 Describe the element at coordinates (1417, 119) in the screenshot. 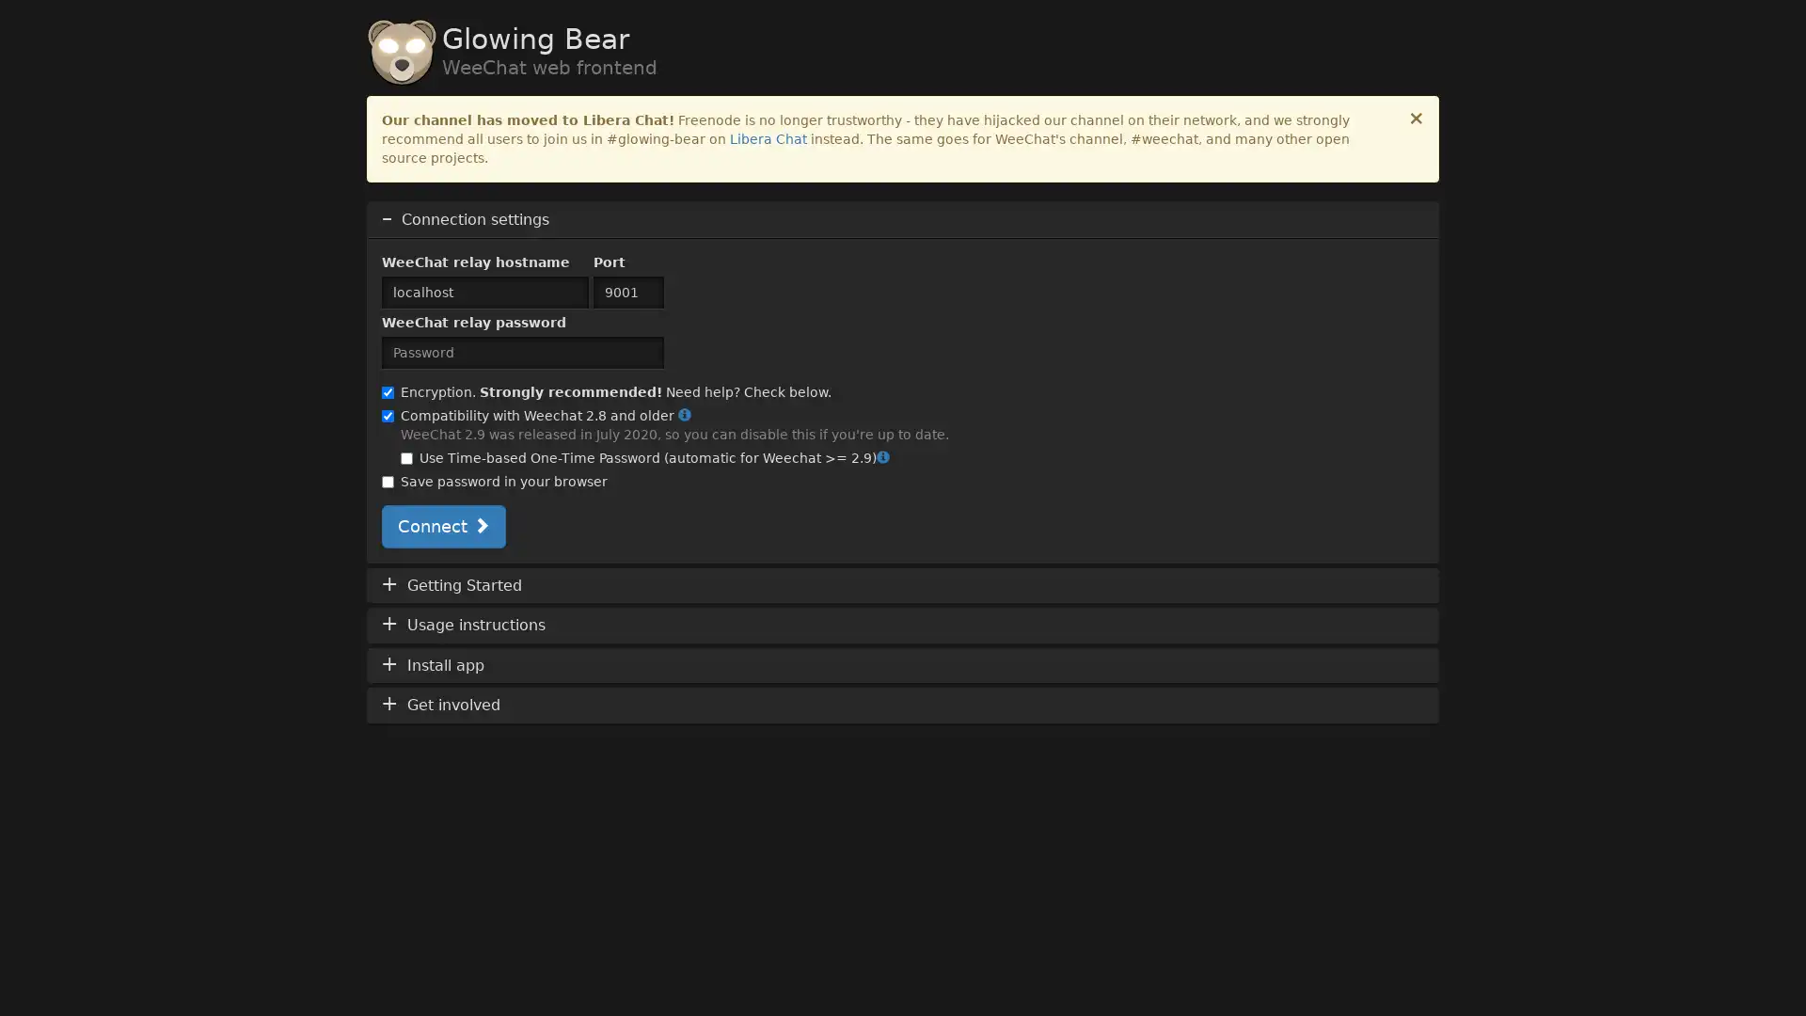

I see `Close` at that location.